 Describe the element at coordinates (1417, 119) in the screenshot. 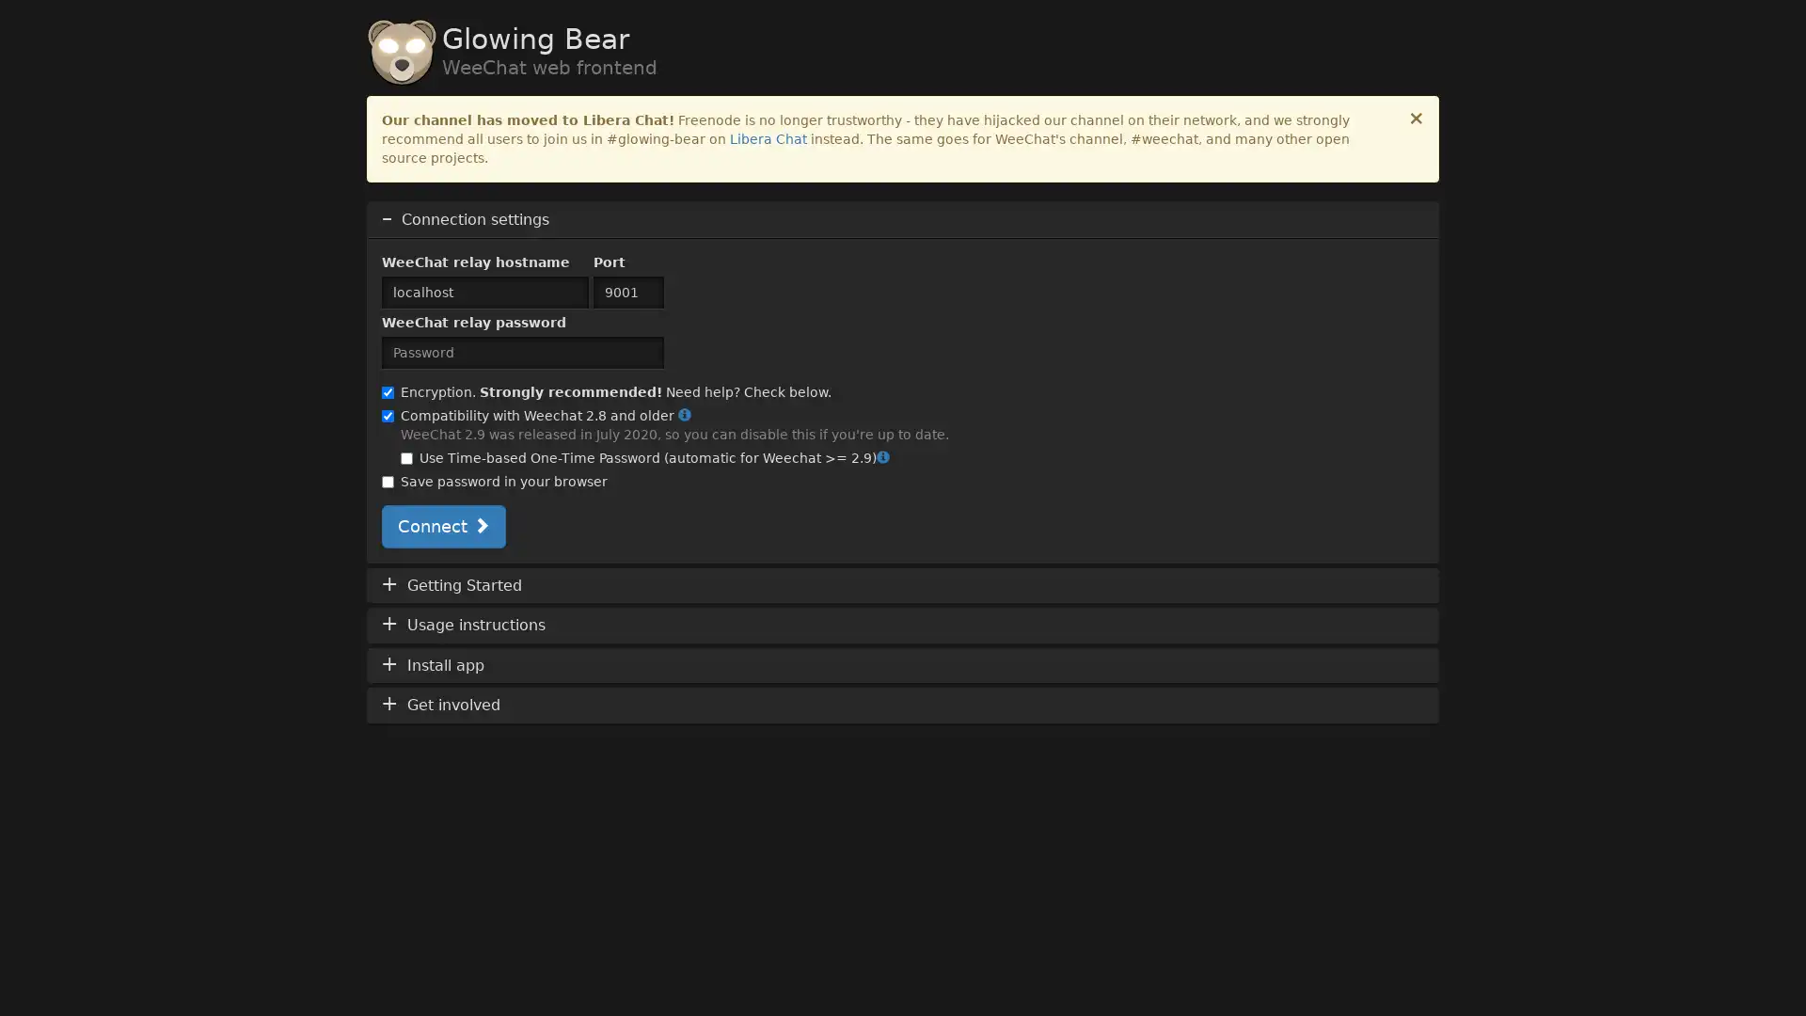

I see `Close` at that location.